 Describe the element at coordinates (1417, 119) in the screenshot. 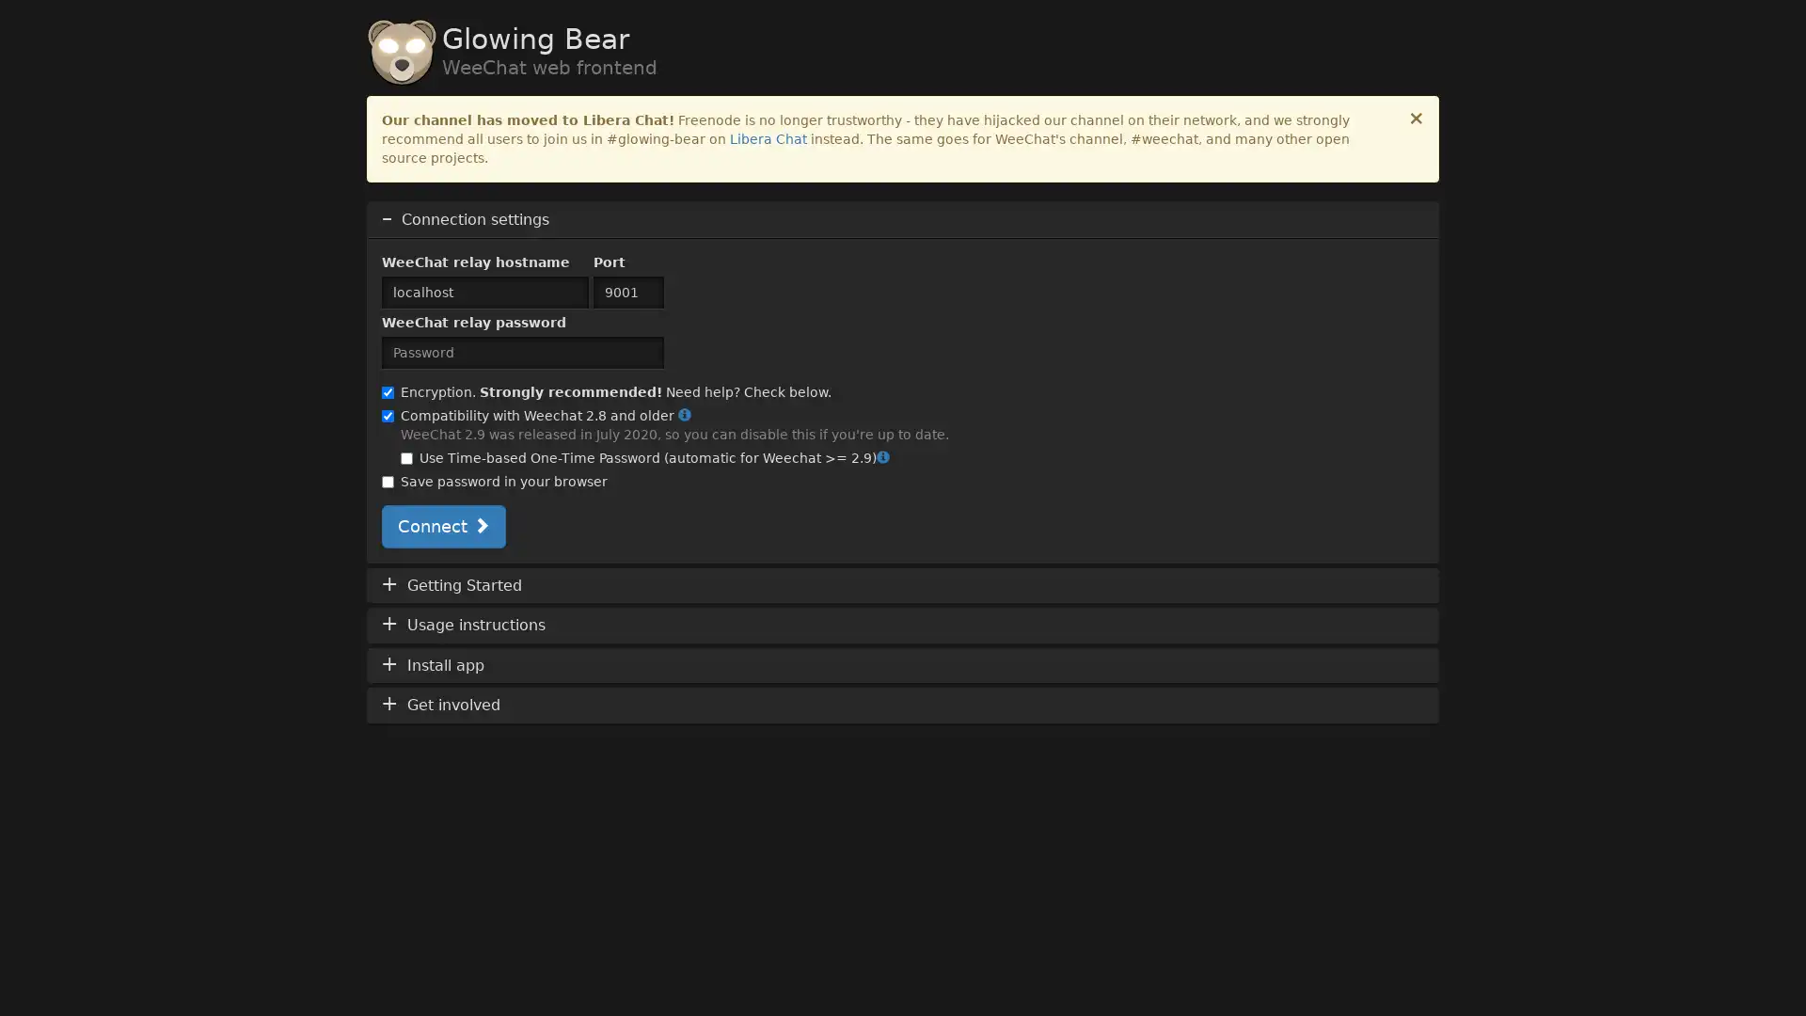

I see `Close` at that location.